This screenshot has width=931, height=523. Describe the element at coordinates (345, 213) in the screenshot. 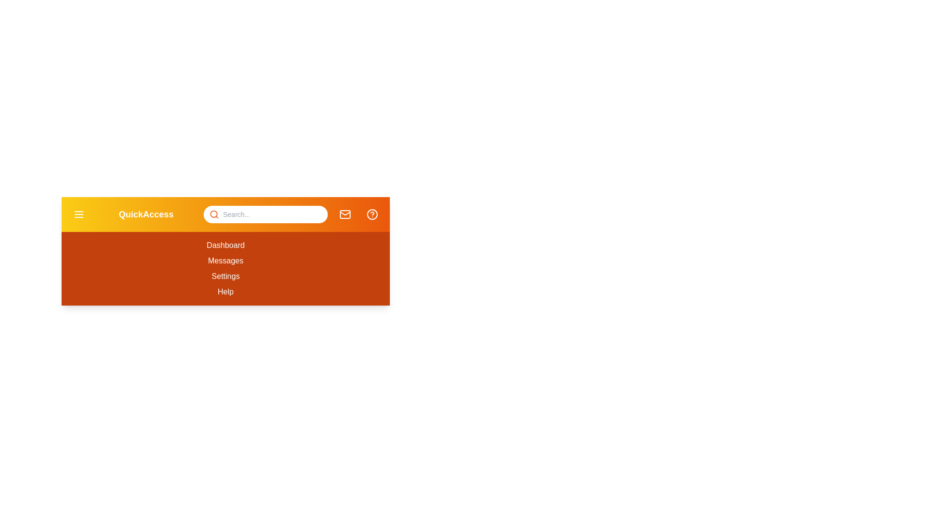

I see `the diagonal line-like shape forming part of the envelope icon in the top-right corner of the navigation bar` at that location.